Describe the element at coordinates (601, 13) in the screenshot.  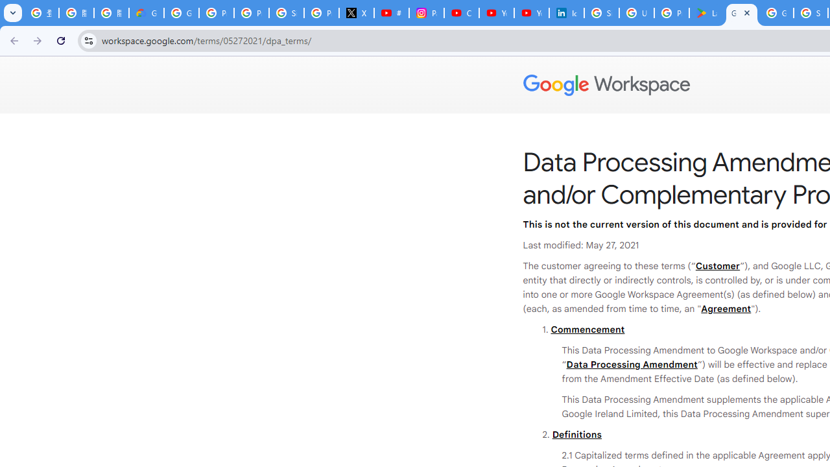
I see `'Sign in - Google Accounts'` at that location.